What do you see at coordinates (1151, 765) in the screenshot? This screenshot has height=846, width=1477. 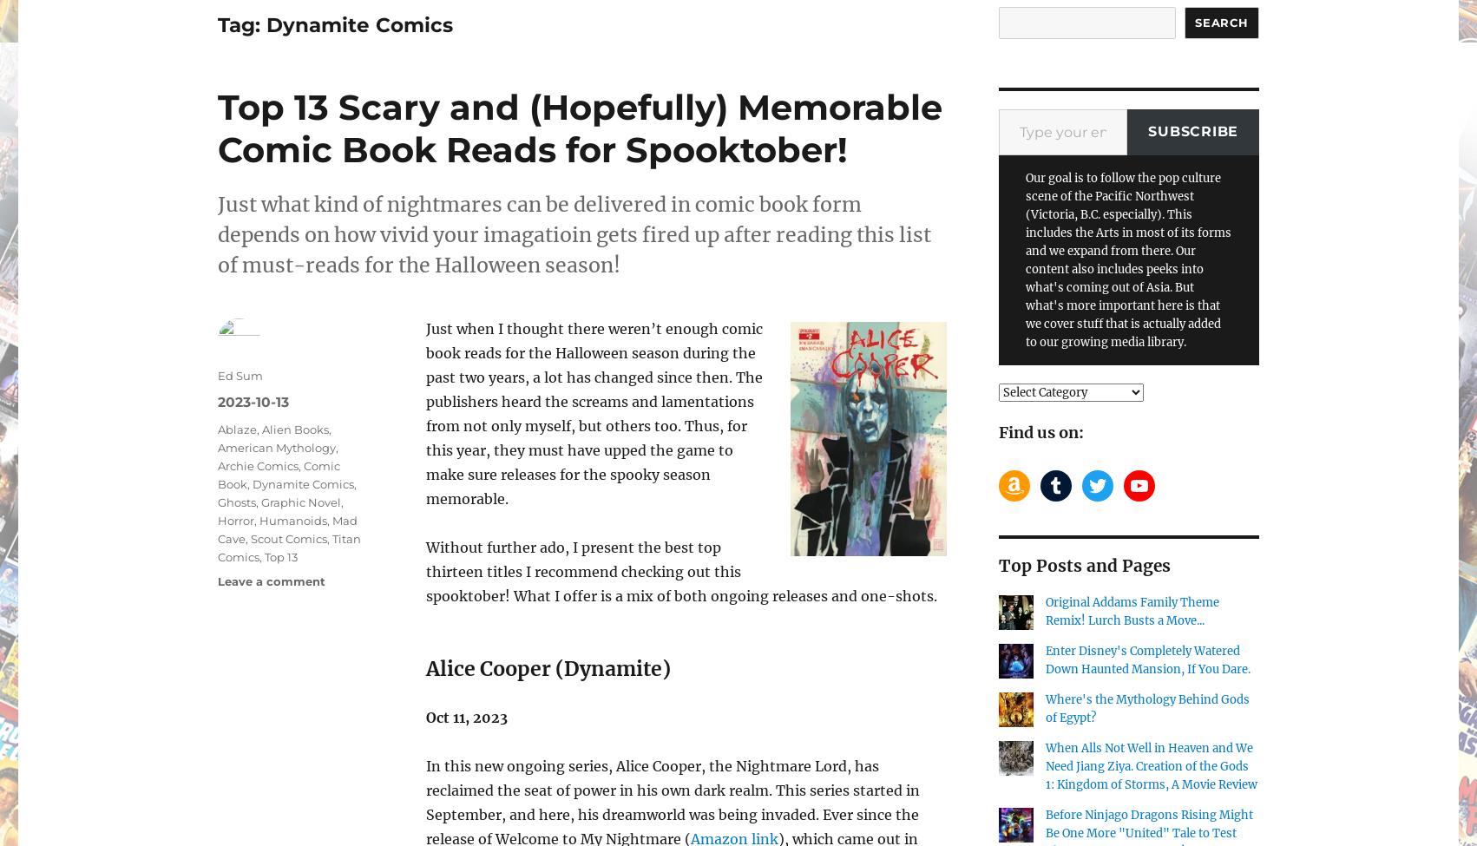 I see `'When Alls Not Well in Heaven and We Need Jiang Ziya. Creation of the Gods 1: Kingdom of Storms, A Movie Review'` at bounding box center [1151, 765].